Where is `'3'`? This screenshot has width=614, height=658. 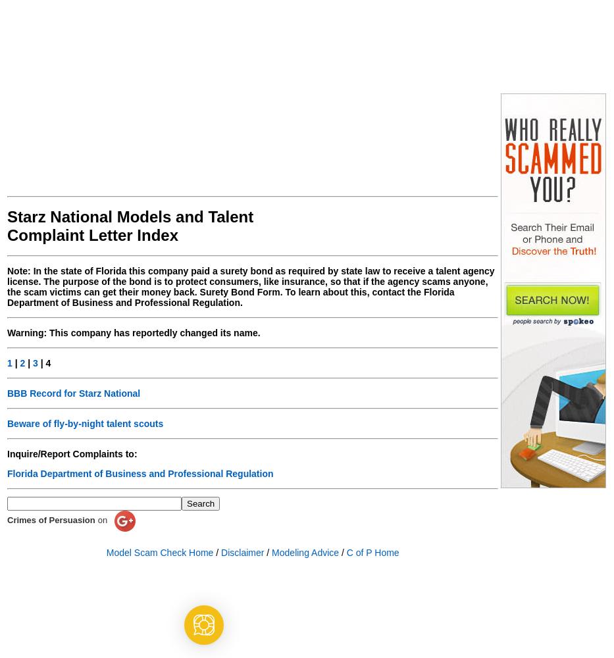
'3' is located at coordinates (35, 363).